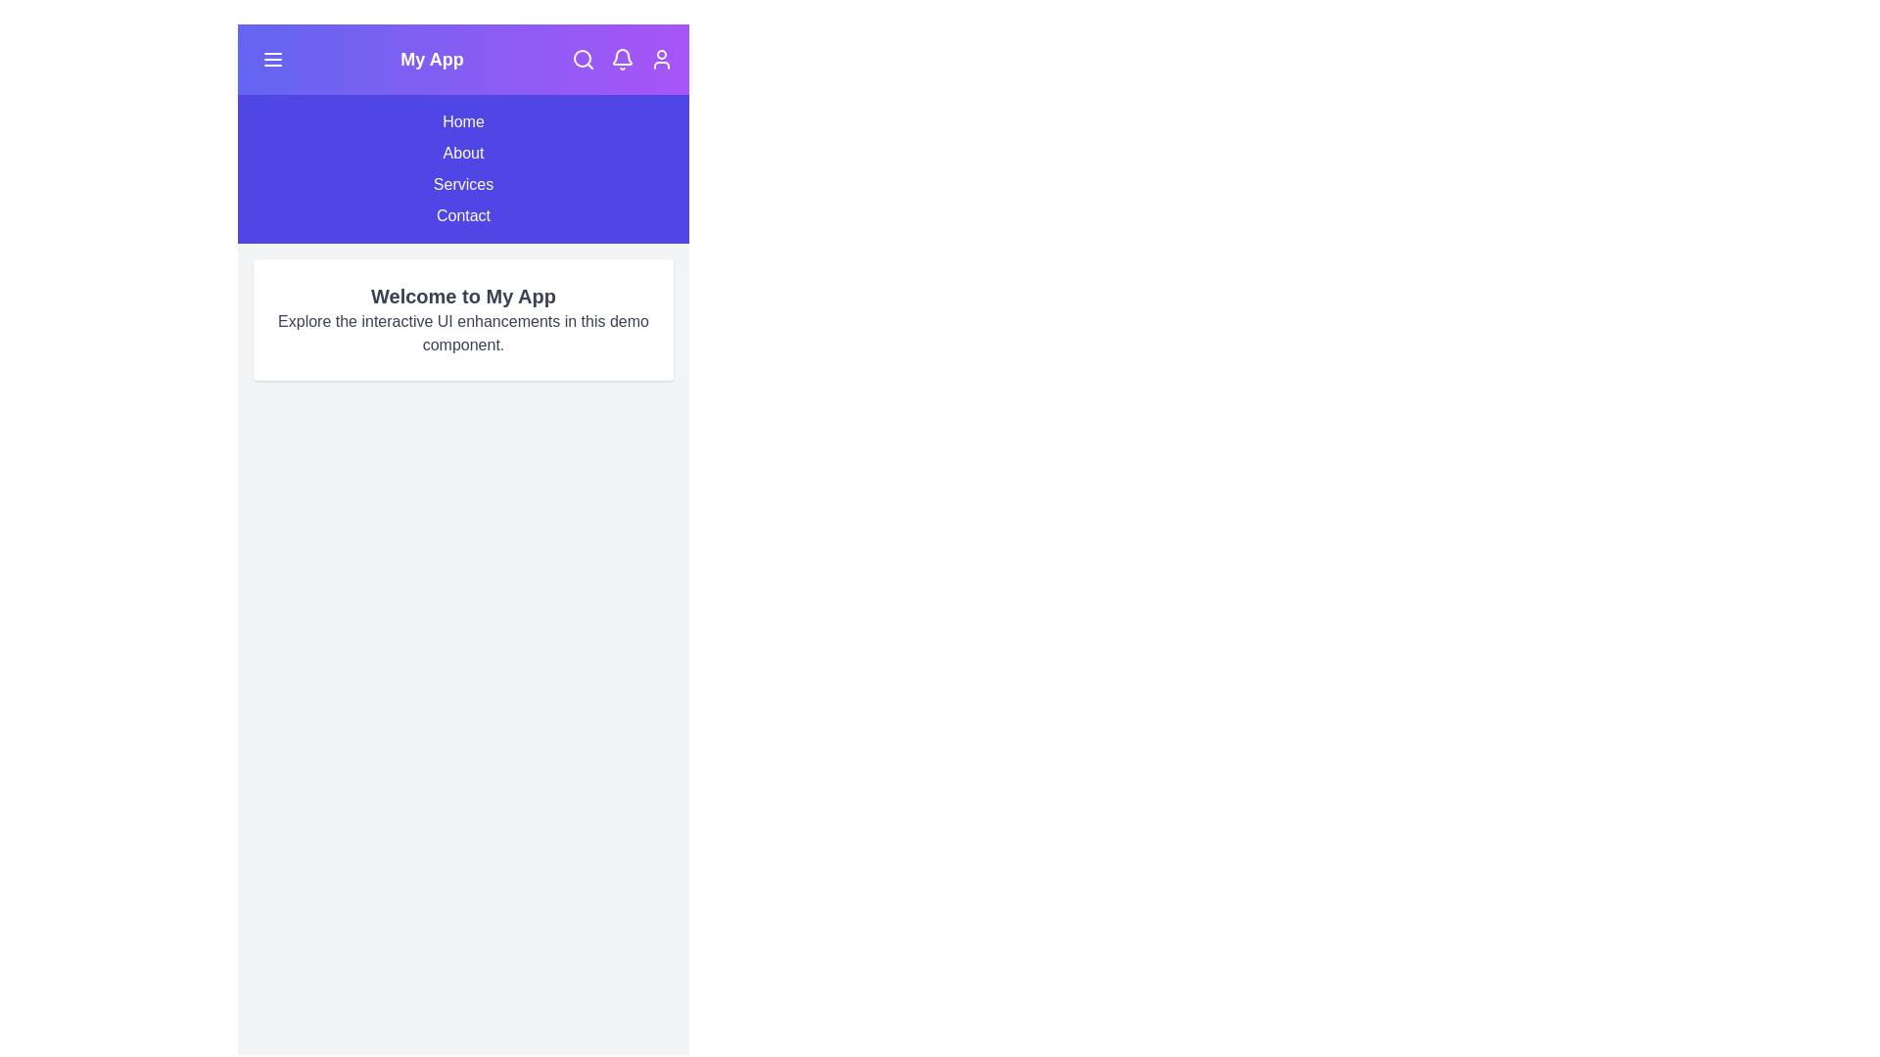 The height and width of the screenshot is (1057, 1880). What do you see at coordinates (462, 215) in the screenshot?
I see `the menu item Contact from the navigation menu` at bounding box center [462, 215].